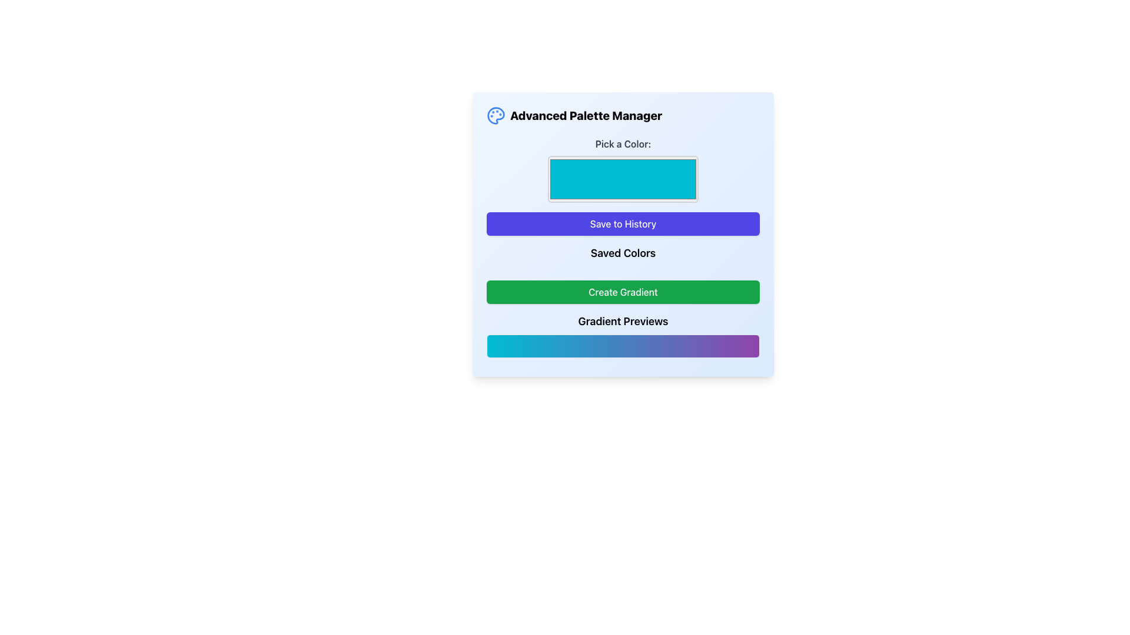 The height and width of the screenshot is (635, 1130). Describe the element at coordinates (496, 115) in the screenshot. I see `the decorative vector graphic located in the top left corner next to the title 'Advanced Palette Manager.'` at that location.